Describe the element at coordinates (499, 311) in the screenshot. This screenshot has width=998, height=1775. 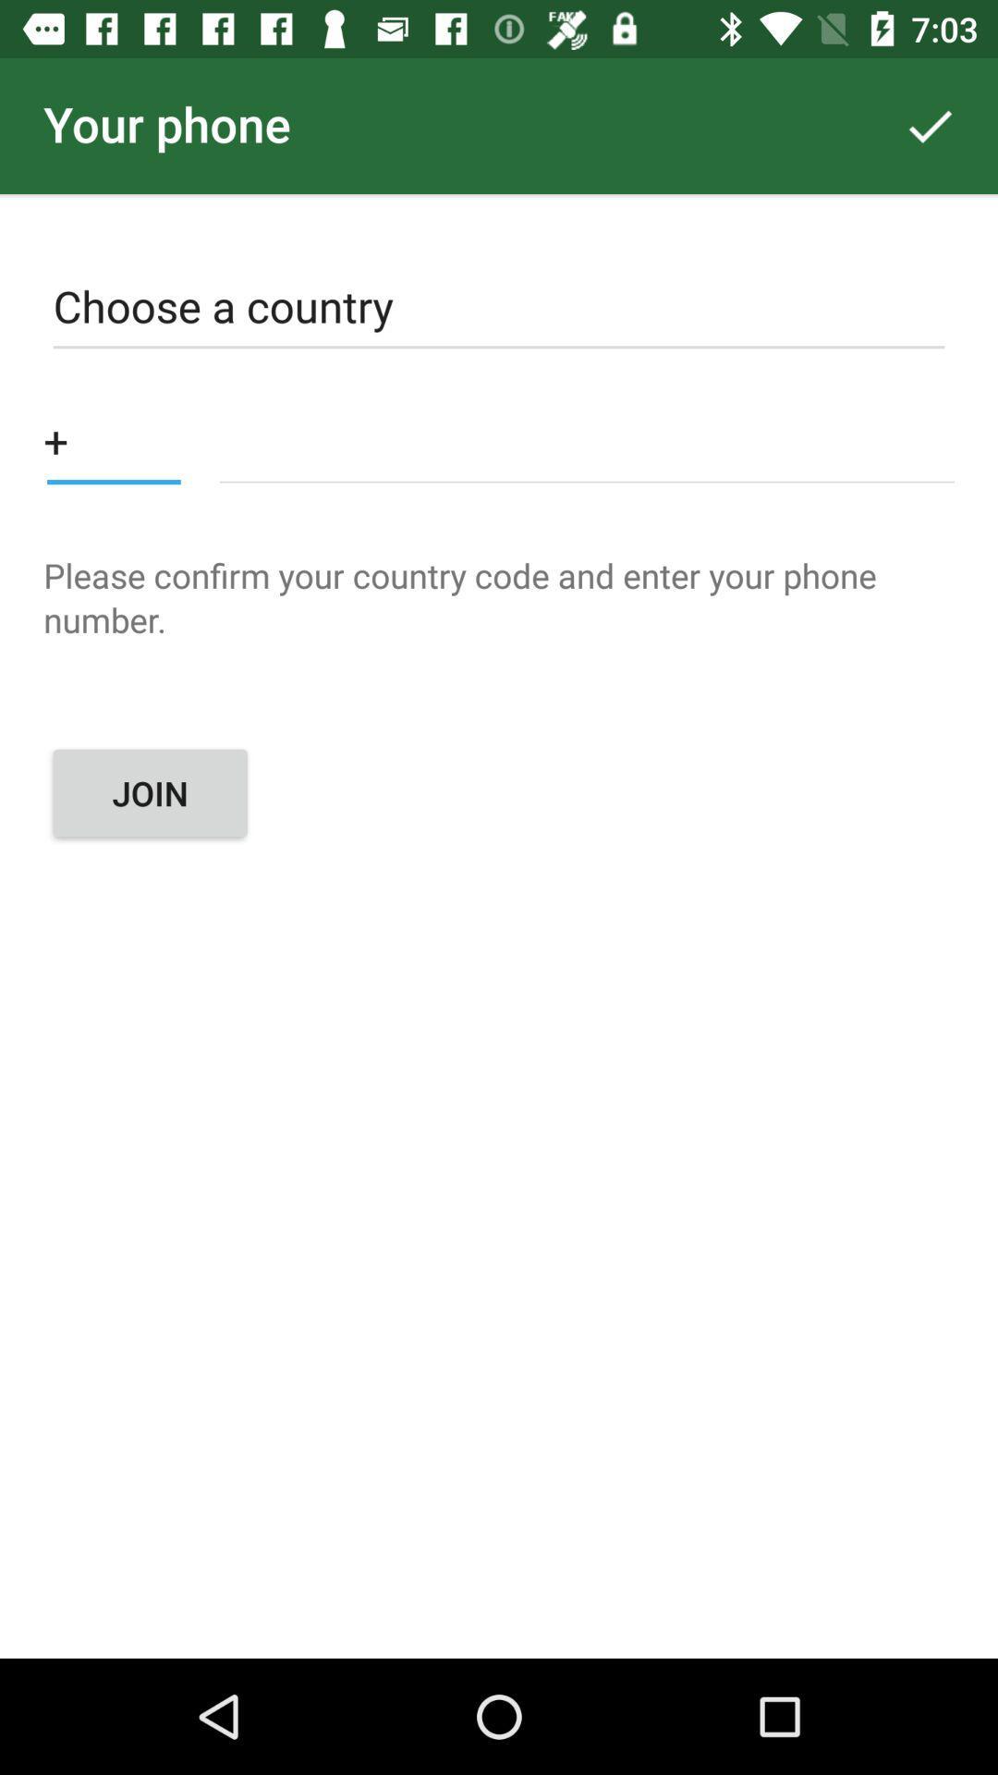
I see `choose a country item` at that location.